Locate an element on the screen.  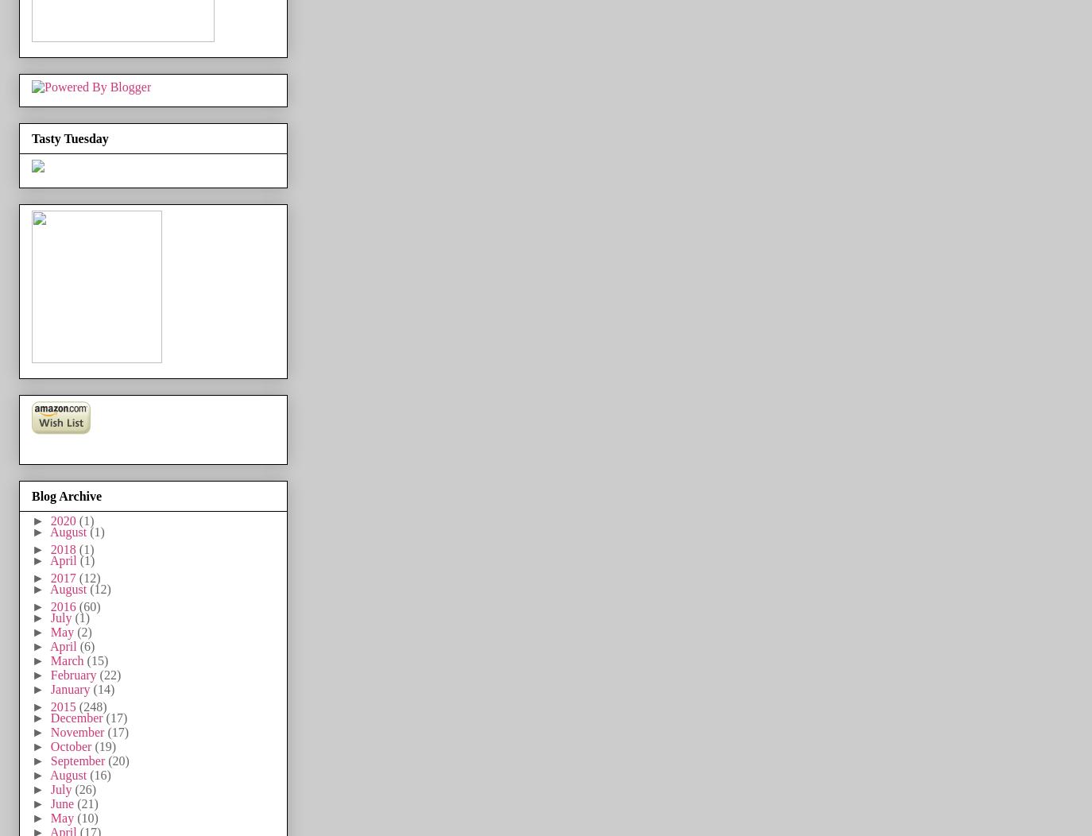
'March' is located at coordinates (68, 660).